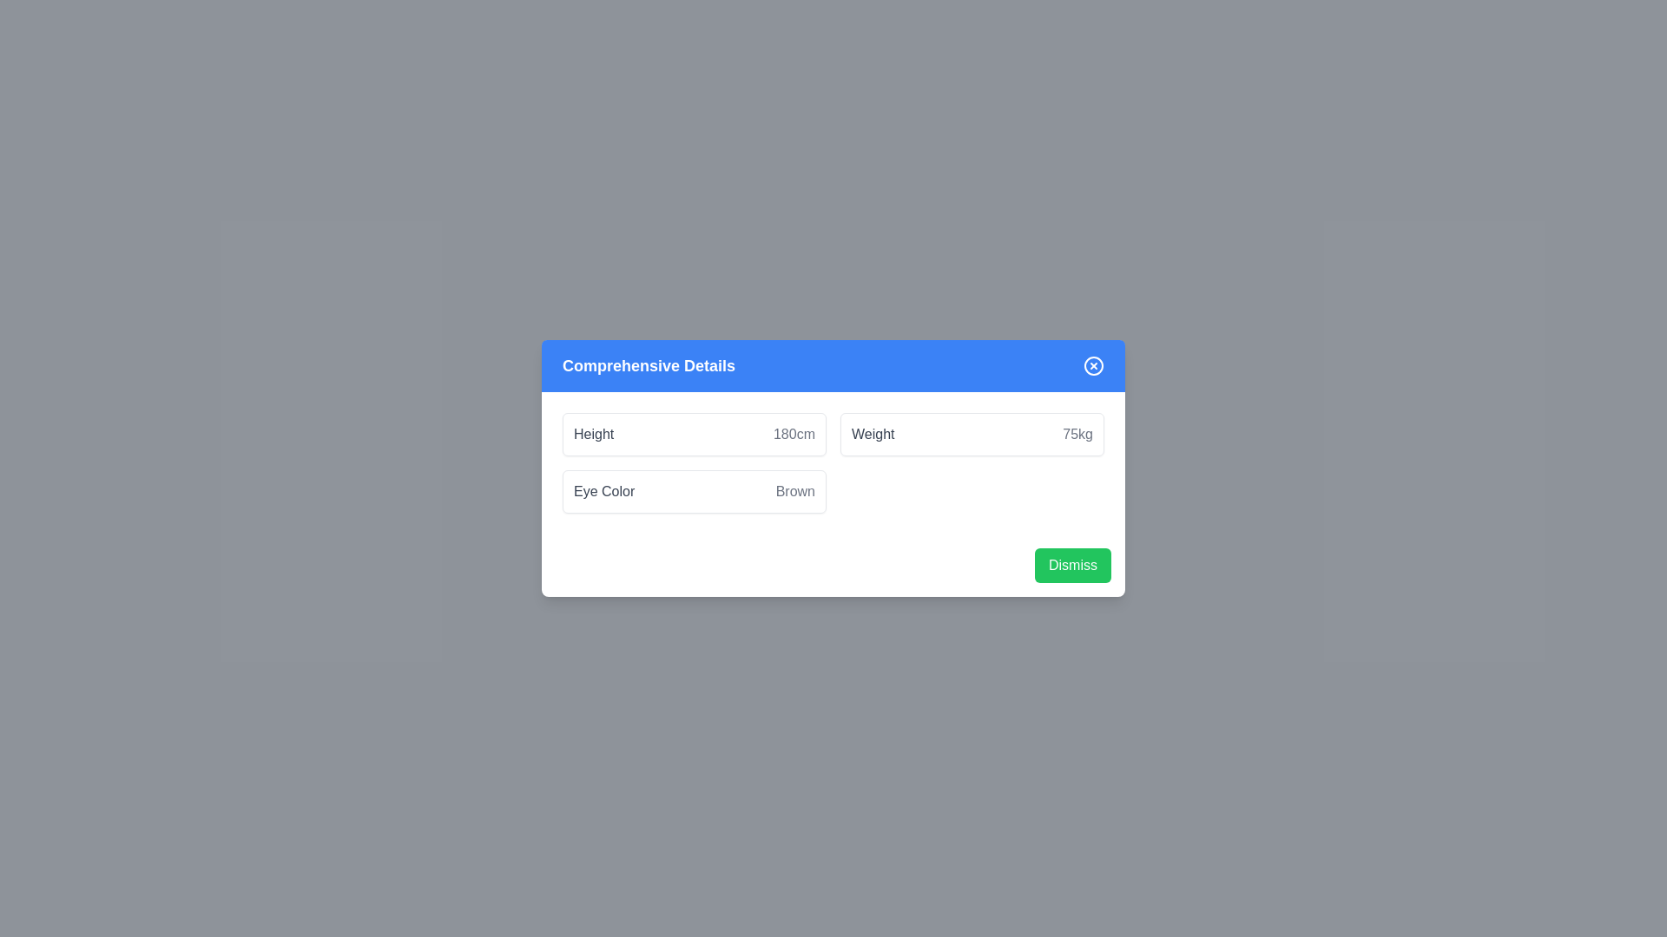 The height and width of the screenshot is (937, 1667). I want to click on the 'X' button in the header of the dialog to close it, so click(1092, 364).